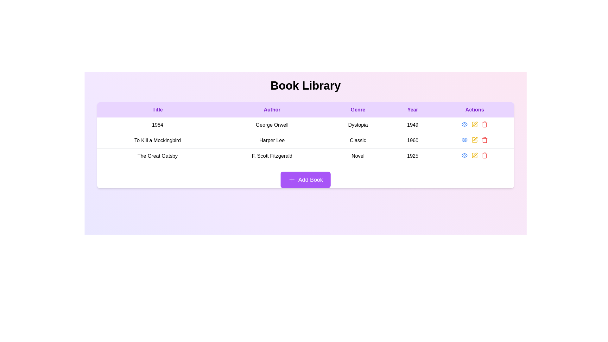  What do you see at coordinates (272, 140) in the screenshot?
I see `the text field displaying 'Harper Lee' located in the second row of the 'Author' column in the book details table` at bounding box center [272, 140].